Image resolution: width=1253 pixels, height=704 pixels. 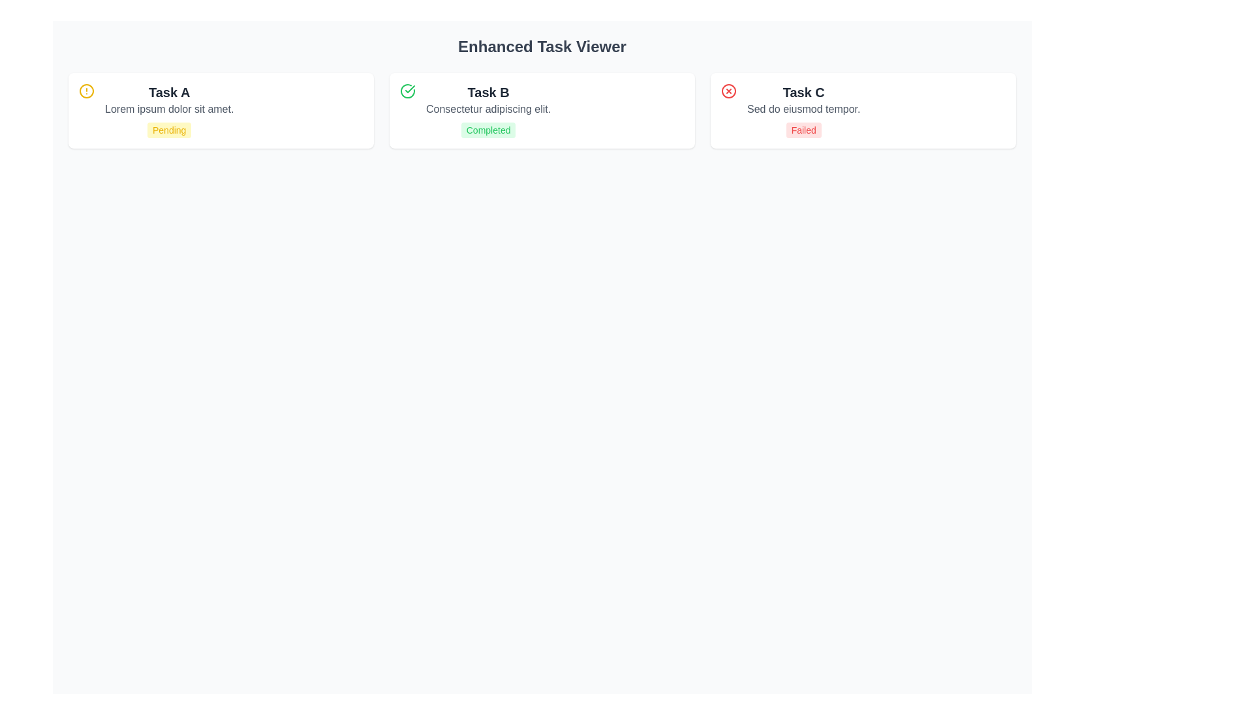 What do you see at coordinates (487, 92) in the screenshot?
I see `title text label of the middle card in the Enhanced Task Viewer interface, which provides essential information about the card's content` at bounding box center [487, 92].